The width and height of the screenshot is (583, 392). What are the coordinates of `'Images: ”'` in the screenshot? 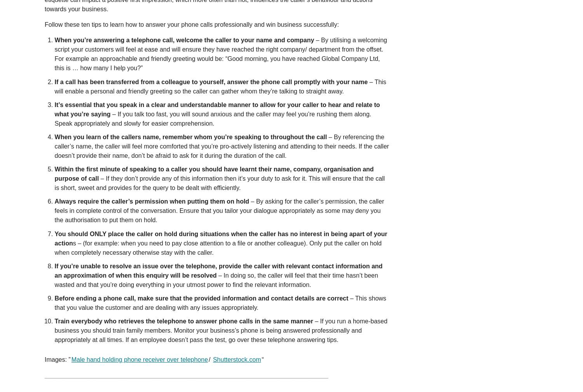 It's located at (58, 359).